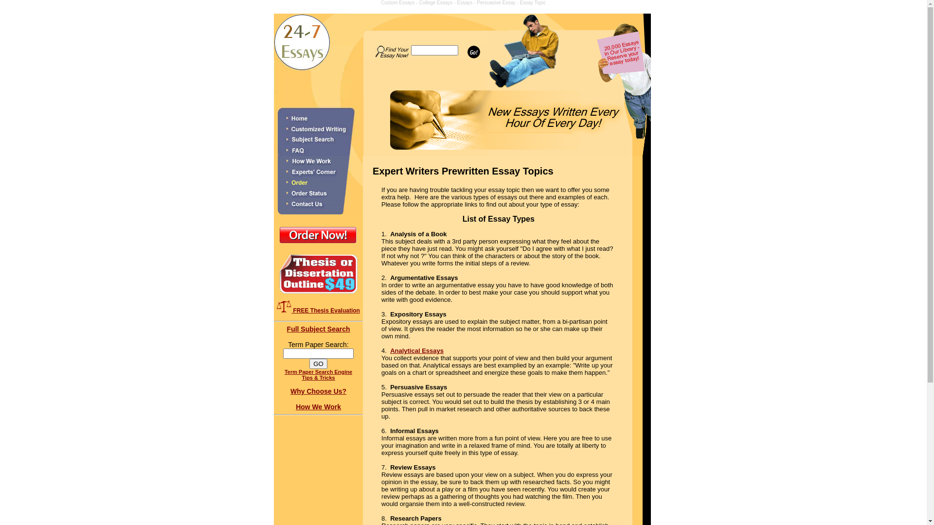 The image size is (934, 525). Describe the element at coordinates (284, 306) in the screenshot. I see `'FREE Thesis Evaluation'` at that location.